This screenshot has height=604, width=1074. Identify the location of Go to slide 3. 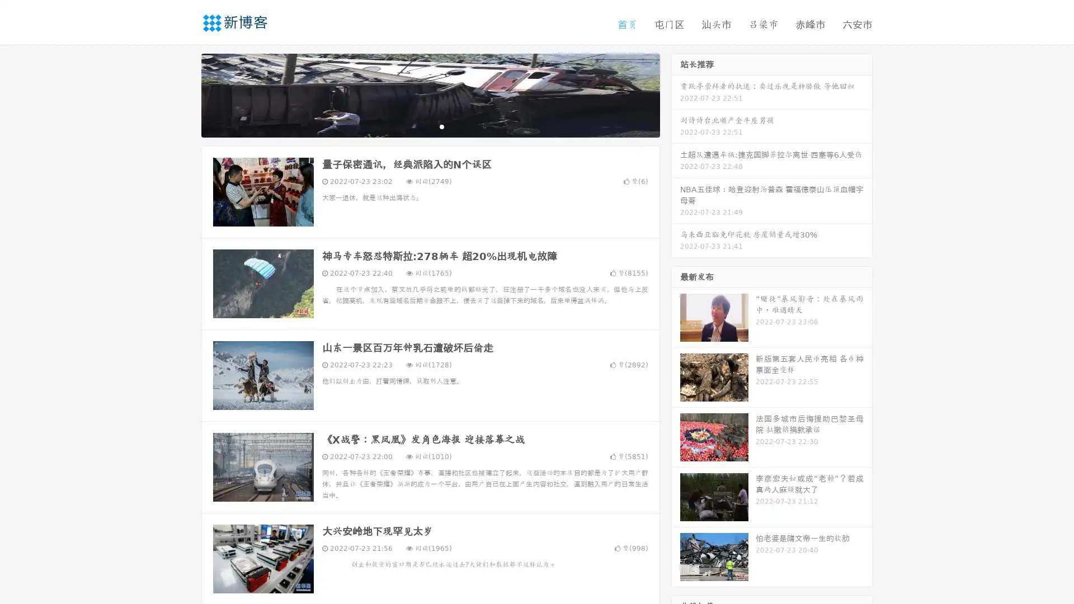
(441, 126).